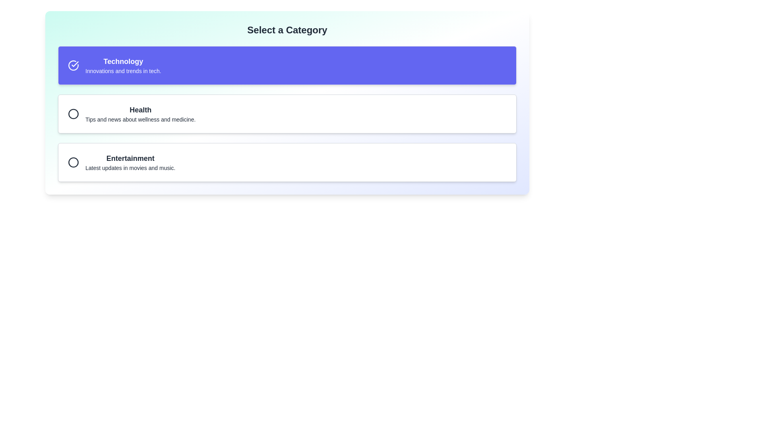  I want to click on the circular indicator icon that indicates the selection status of the 'Health' category, so click(74, 114).